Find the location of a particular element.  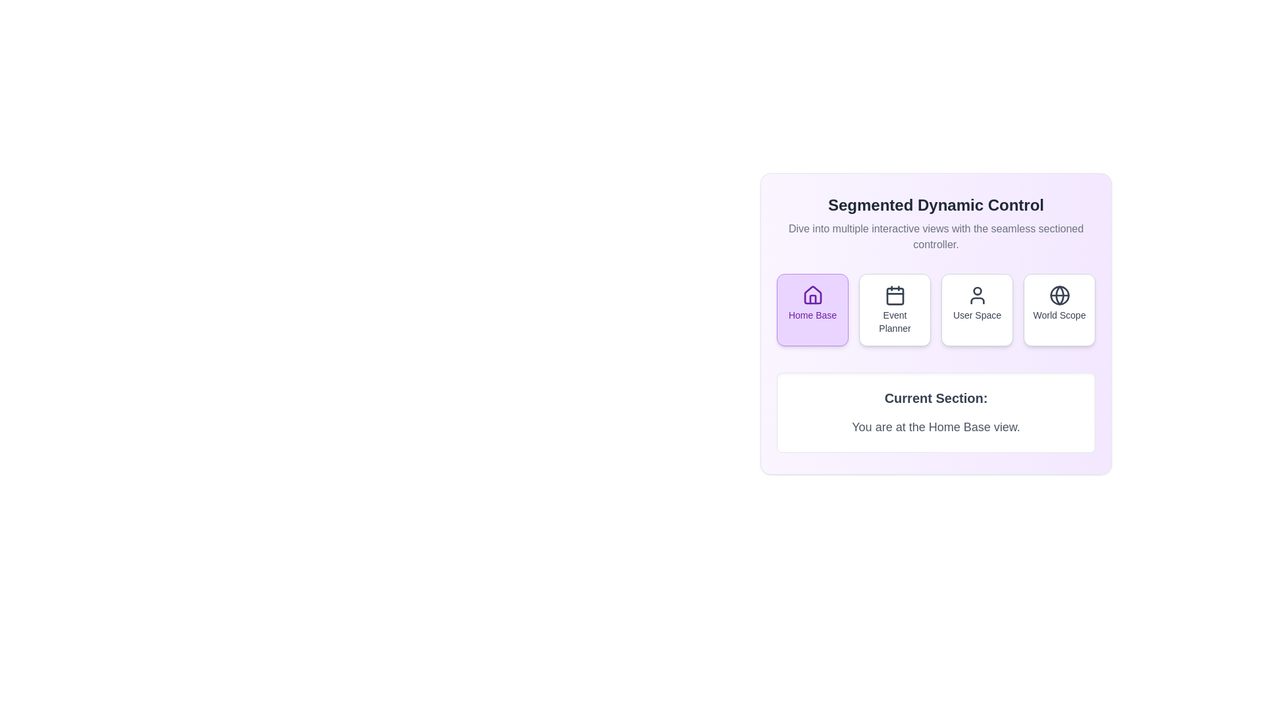

the segmented control button to change the section or view, which is centrally located within a light purple gradient background is located at coordinates (935, 309).